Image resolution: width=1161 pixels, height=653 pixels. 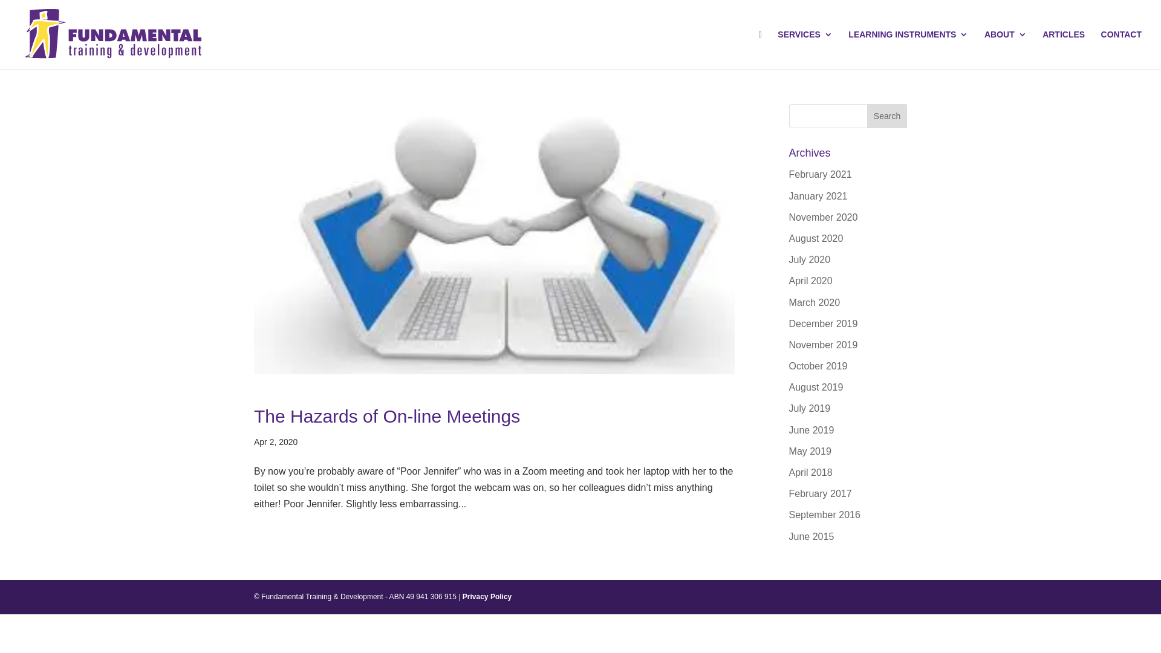 What do you see at coordinates (487, 596) in the screenshot?
I see `'Privacy Policy'` at bounding box center [487, 596].